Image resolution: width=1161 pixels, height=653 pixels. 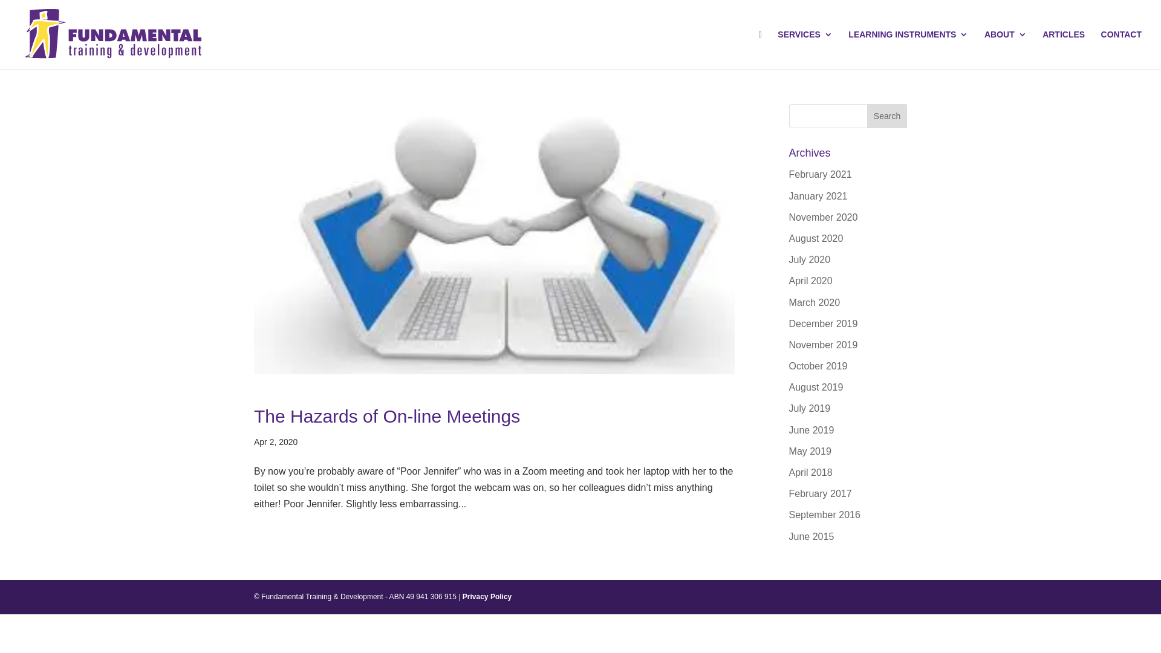 What do you see at coordinates (487, 596) in the screenshot?
I see `'Privacy Policy'` at bounding box center [487, 596].